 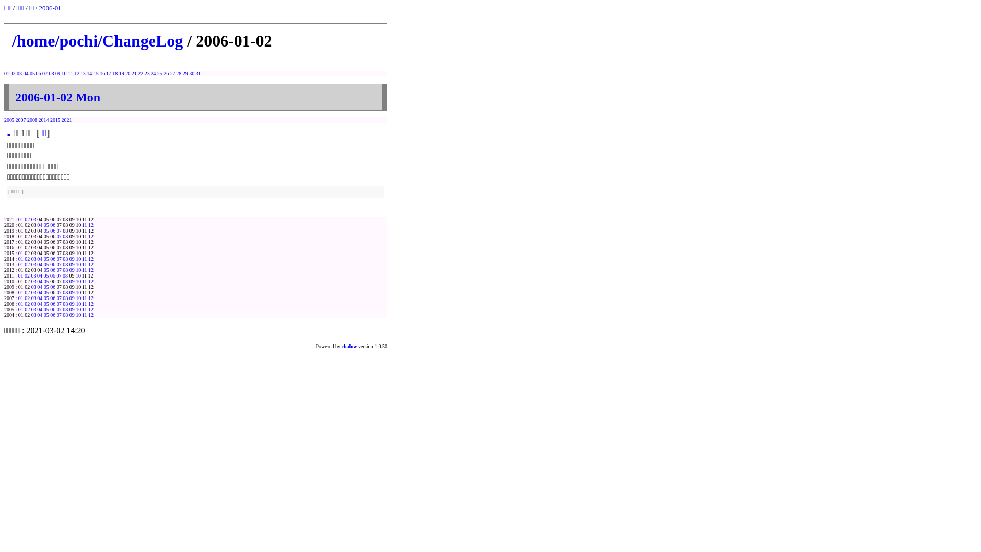 What do you see at coordinates (57, 97) in the screenshot?
I see `'2006-01-02 Mon'` at bounding box center [57, 97].